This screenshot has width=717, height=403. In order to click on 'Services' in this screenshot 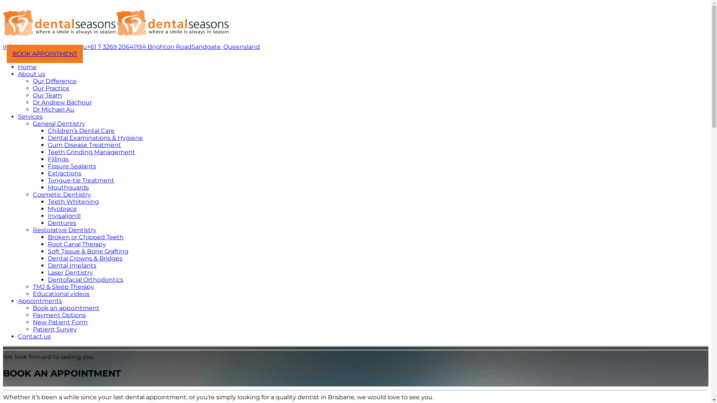, I will do `click(30, 116)`.